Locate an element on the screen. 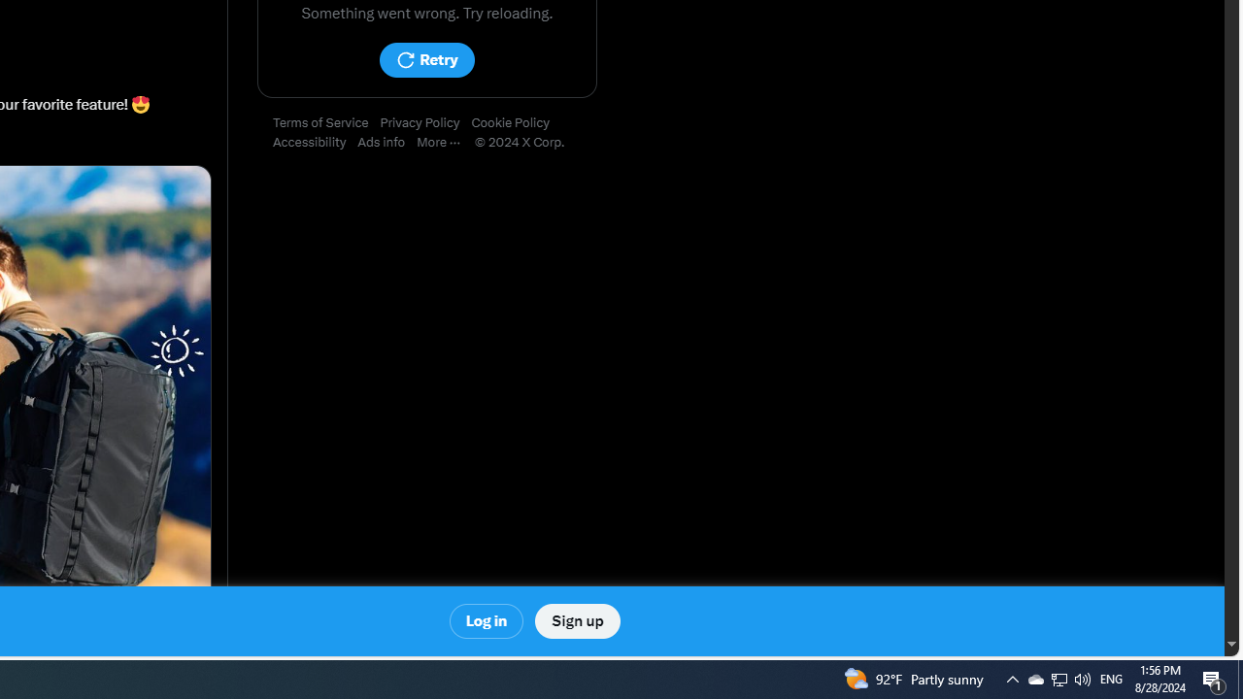  'Cookie Policy' is located at coordinates (516, 123).